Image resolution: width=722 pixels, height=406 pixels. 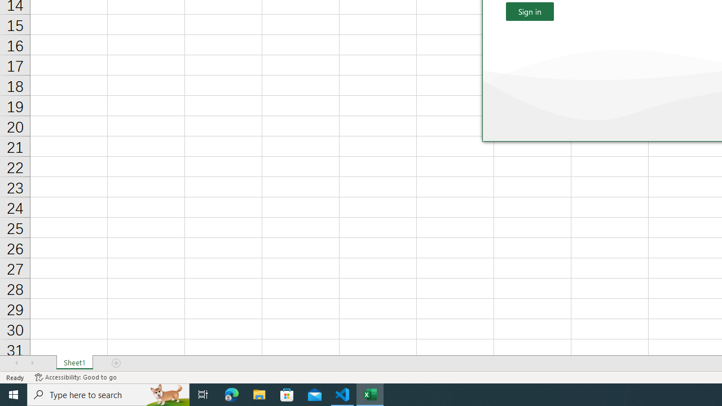 I want to click on 'Microsoft Edge', so click(x=231, y=394).